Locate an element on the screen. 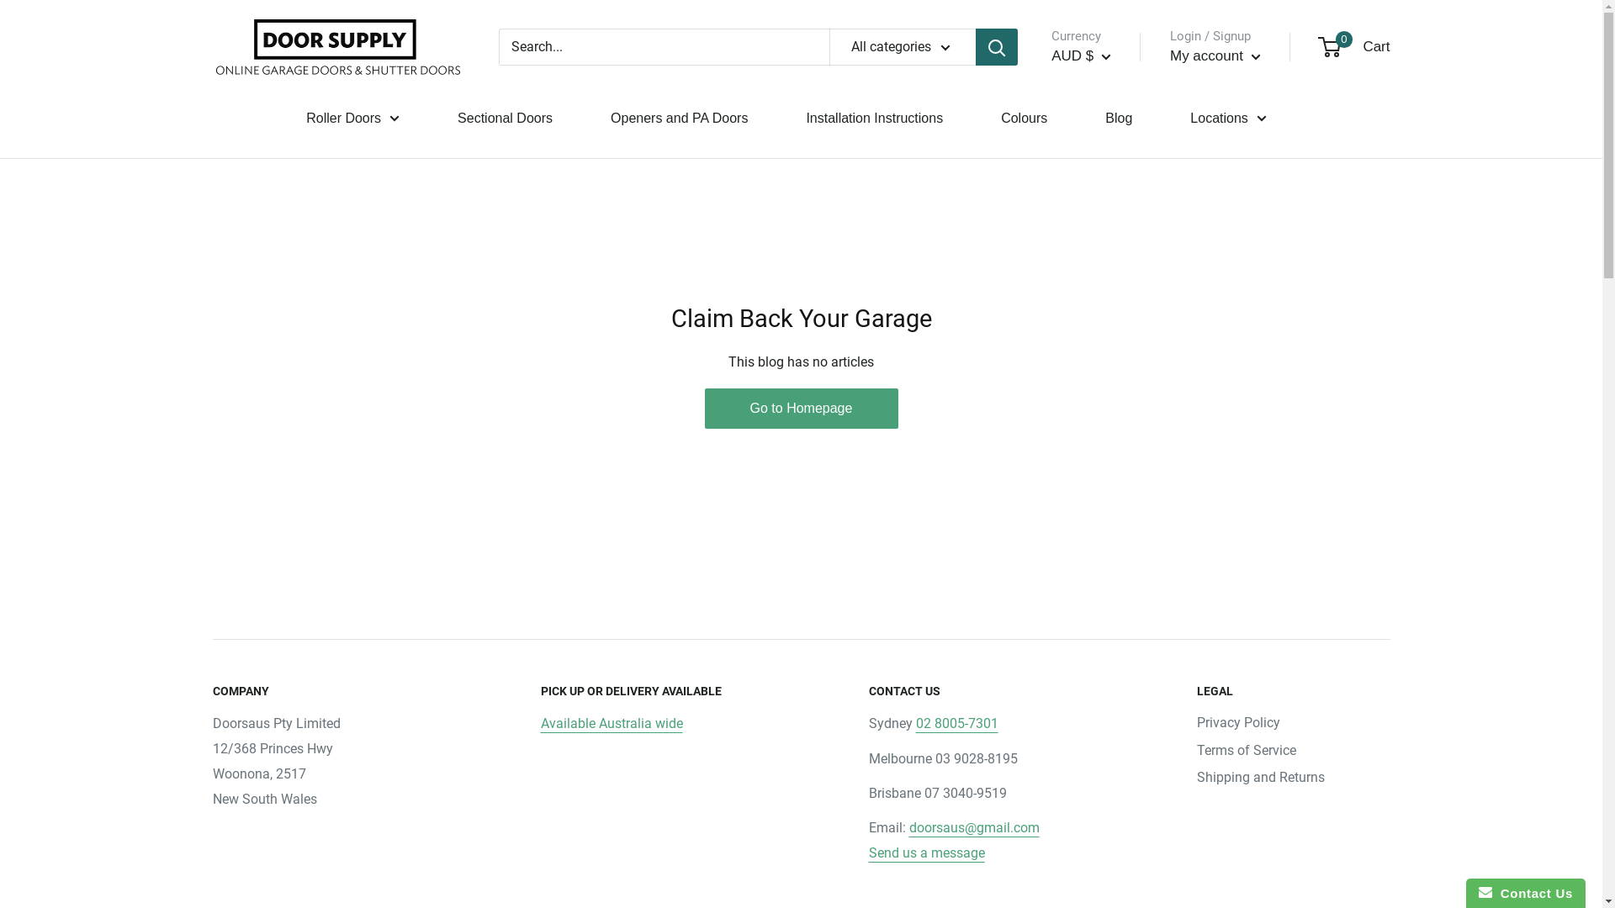 The image size is (1615, 908). 'Available Australia wide' is located at coordinates (610, 722).